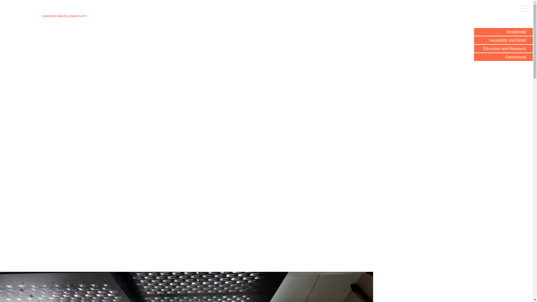  I want to click on 'Education and Research', so click(503, 48).